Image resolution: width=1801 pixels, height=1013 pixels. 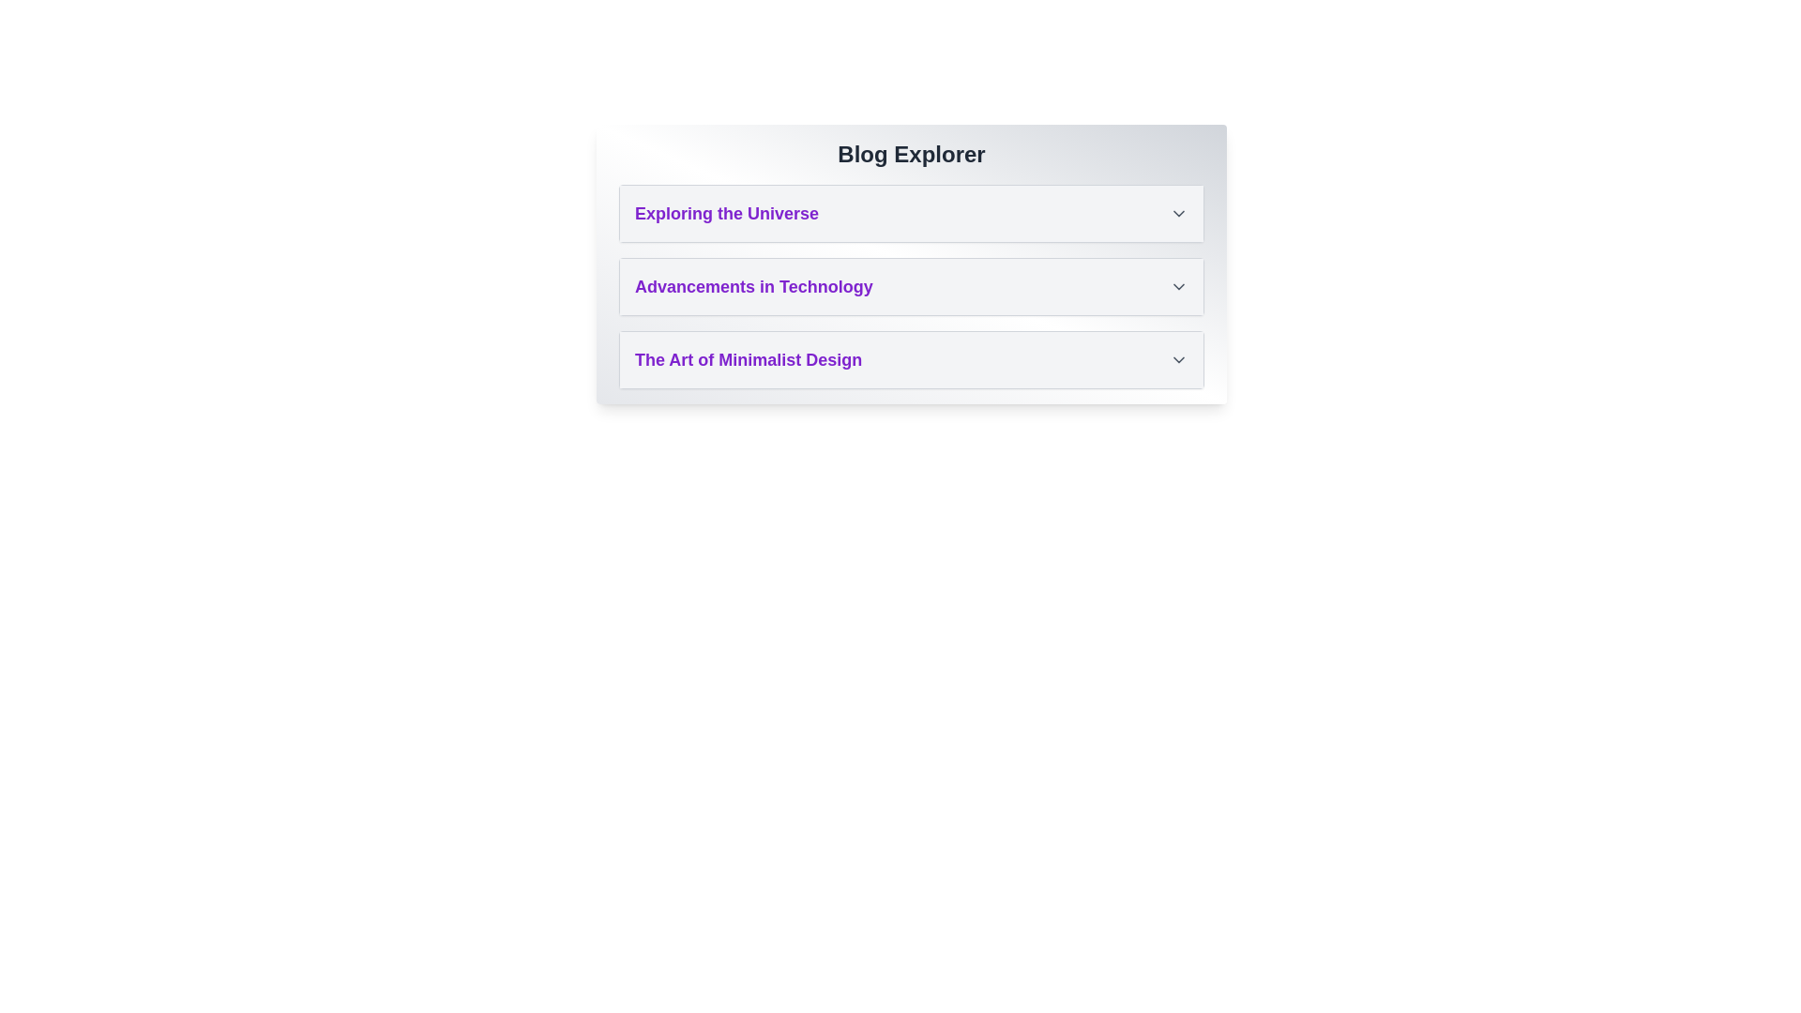 I want to click on the icon button located at the far-right side of the first item in the vertical list of collapsible sections, so click(x=1178, y=212).